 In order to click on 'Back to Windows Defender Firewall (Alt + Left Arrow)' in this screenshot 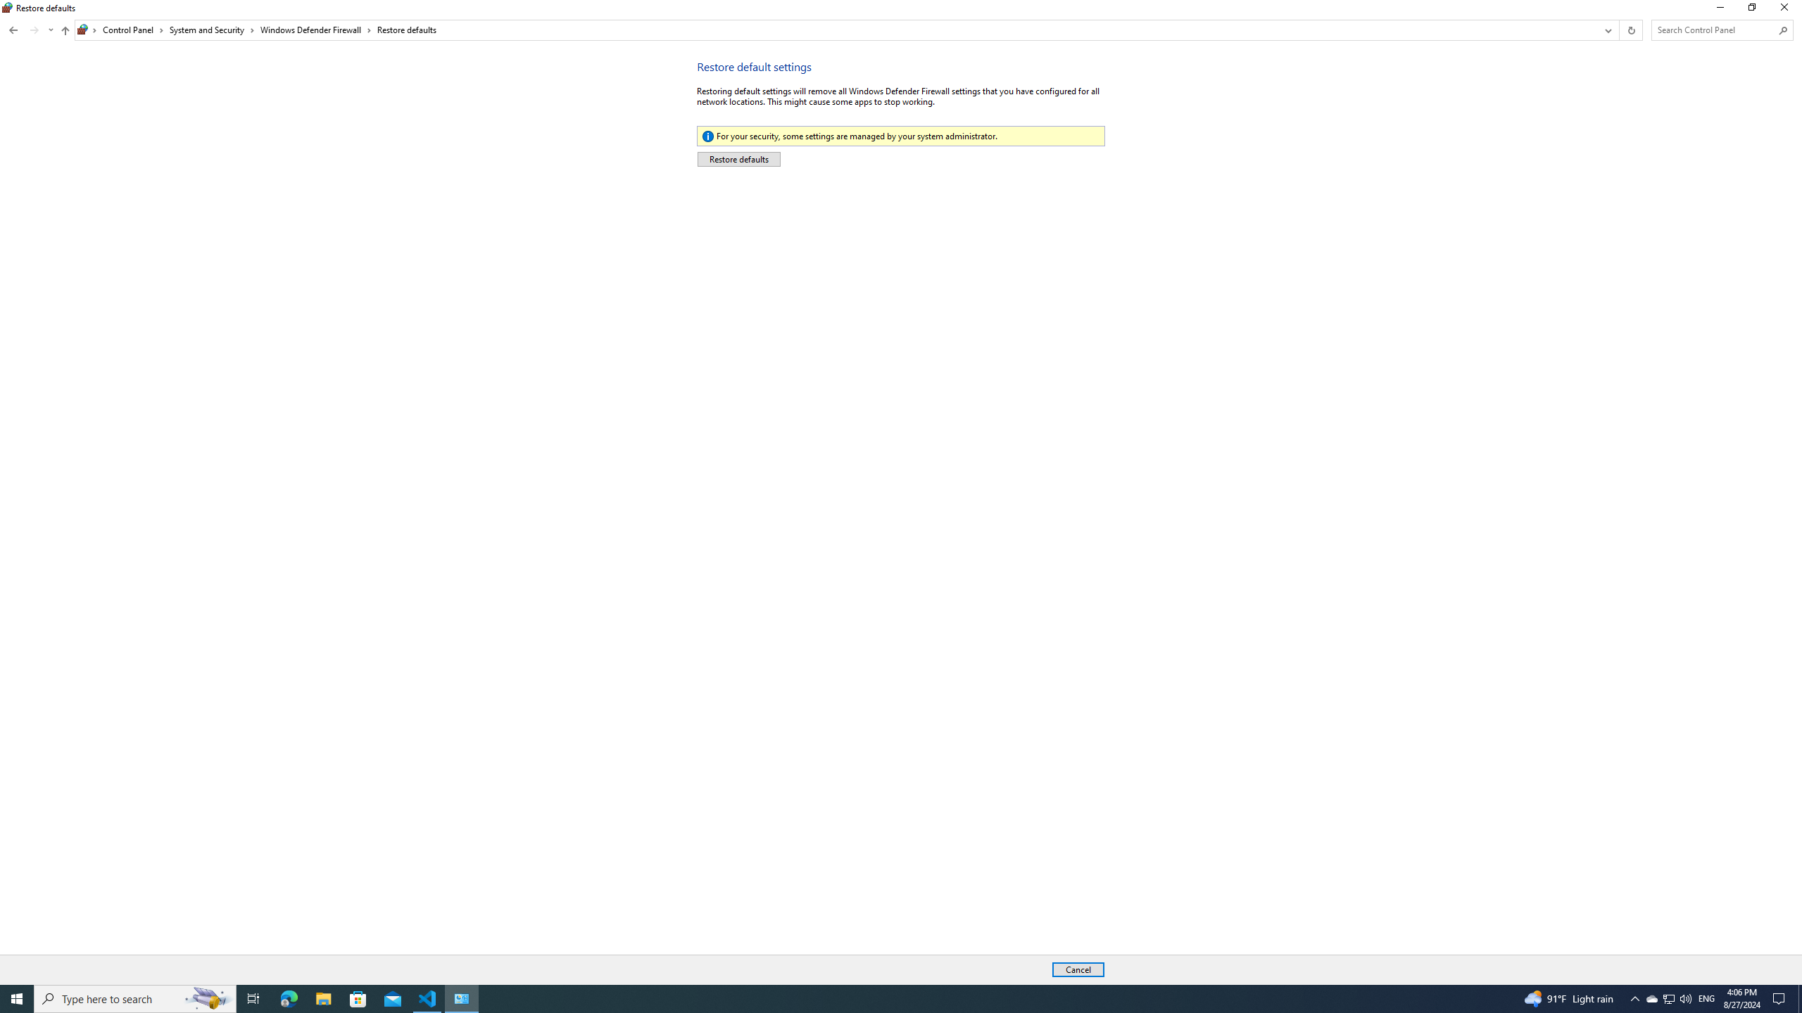, I will do `click(13, 30)`.